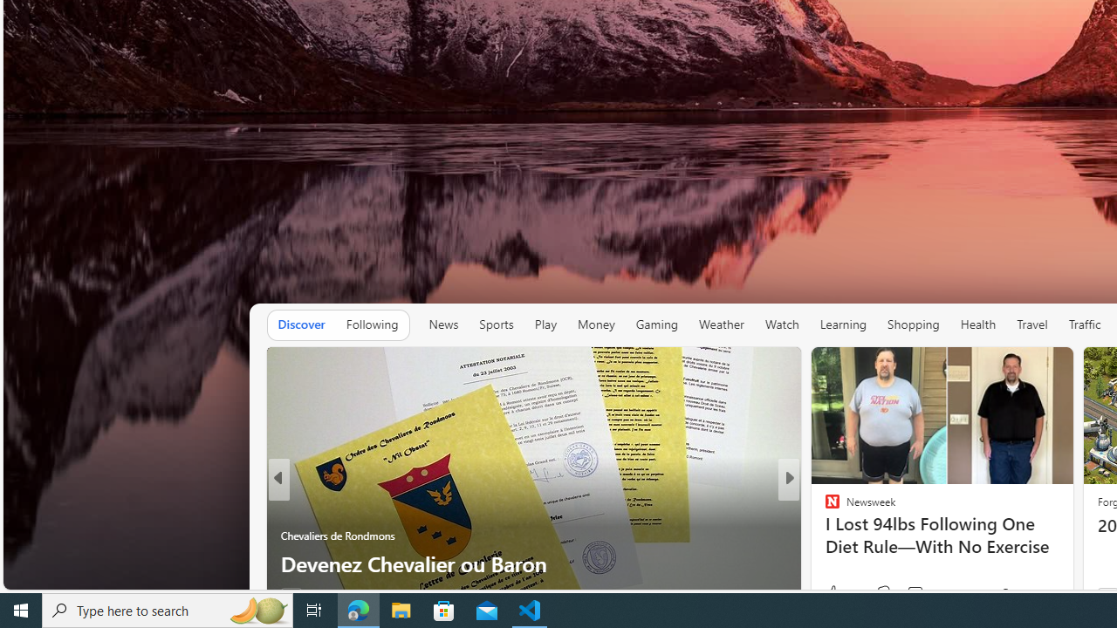 This screenshot has width=1117, height=628. What do you see at coordinates (824, 535) in the screenshot?
I see `'Body Network'` at bounding box center [824, 535].